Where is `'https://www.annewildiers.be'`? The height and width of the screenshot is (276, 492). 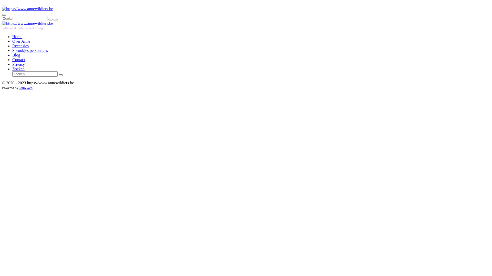
'https://www.annewildiers.be' is located at coordinates (2, 24).